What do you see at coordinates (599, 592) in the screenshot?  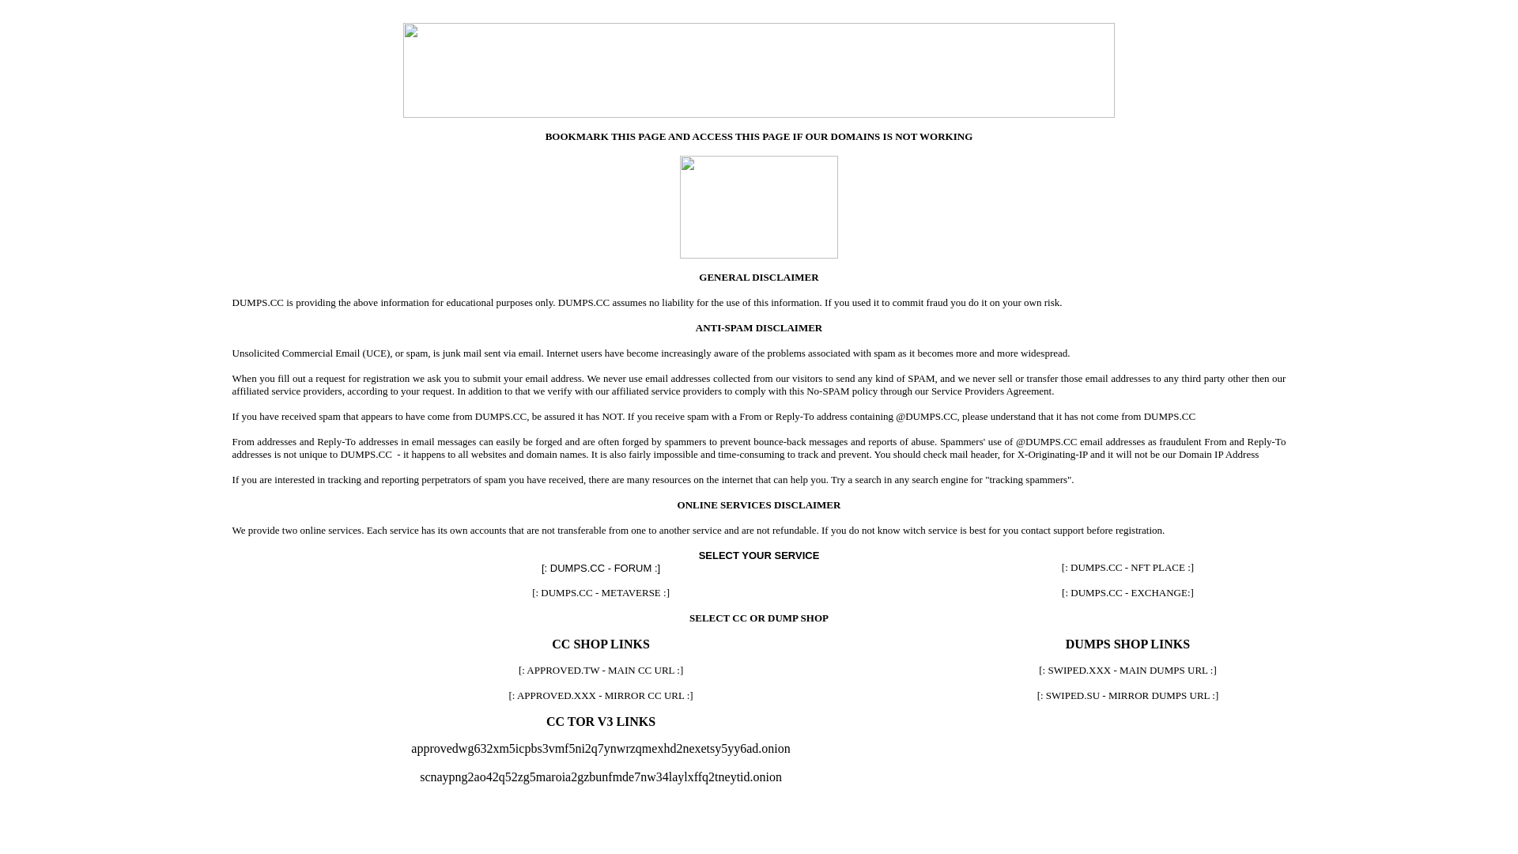 I see `'[: DUMPS.CC - METAVERSE :]'` at bounding box center [599, 592].